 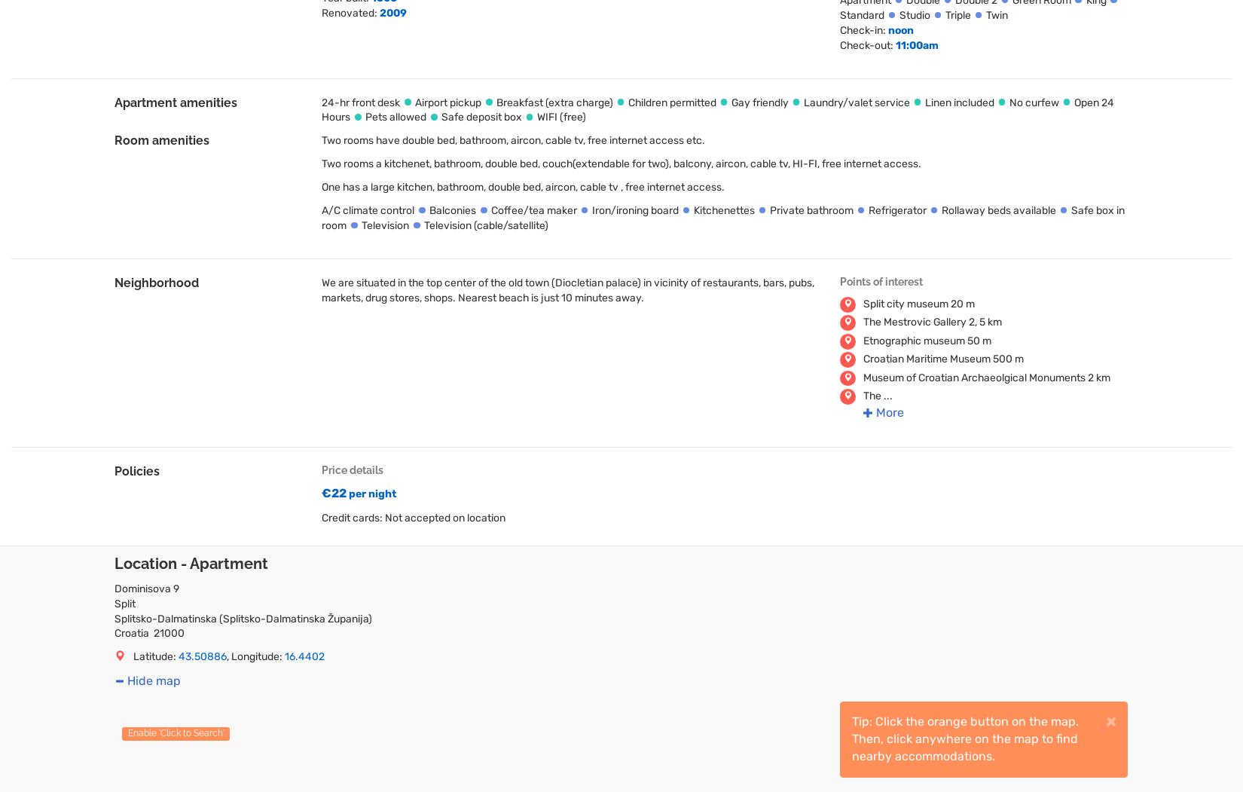 What do you see at coordinates (351, 469) in the screenshot?
I see `'Price details'` at bounding box center [351, 469].